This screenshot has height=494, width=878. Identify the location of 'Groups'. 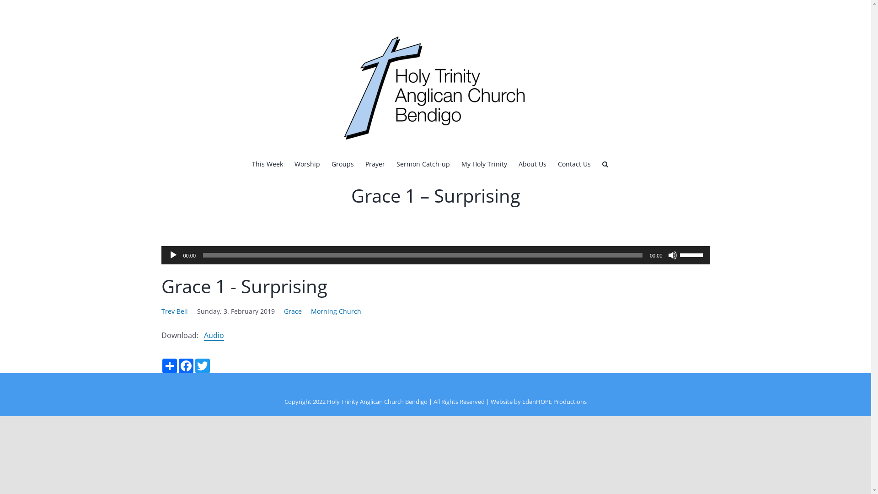
(342, 163).